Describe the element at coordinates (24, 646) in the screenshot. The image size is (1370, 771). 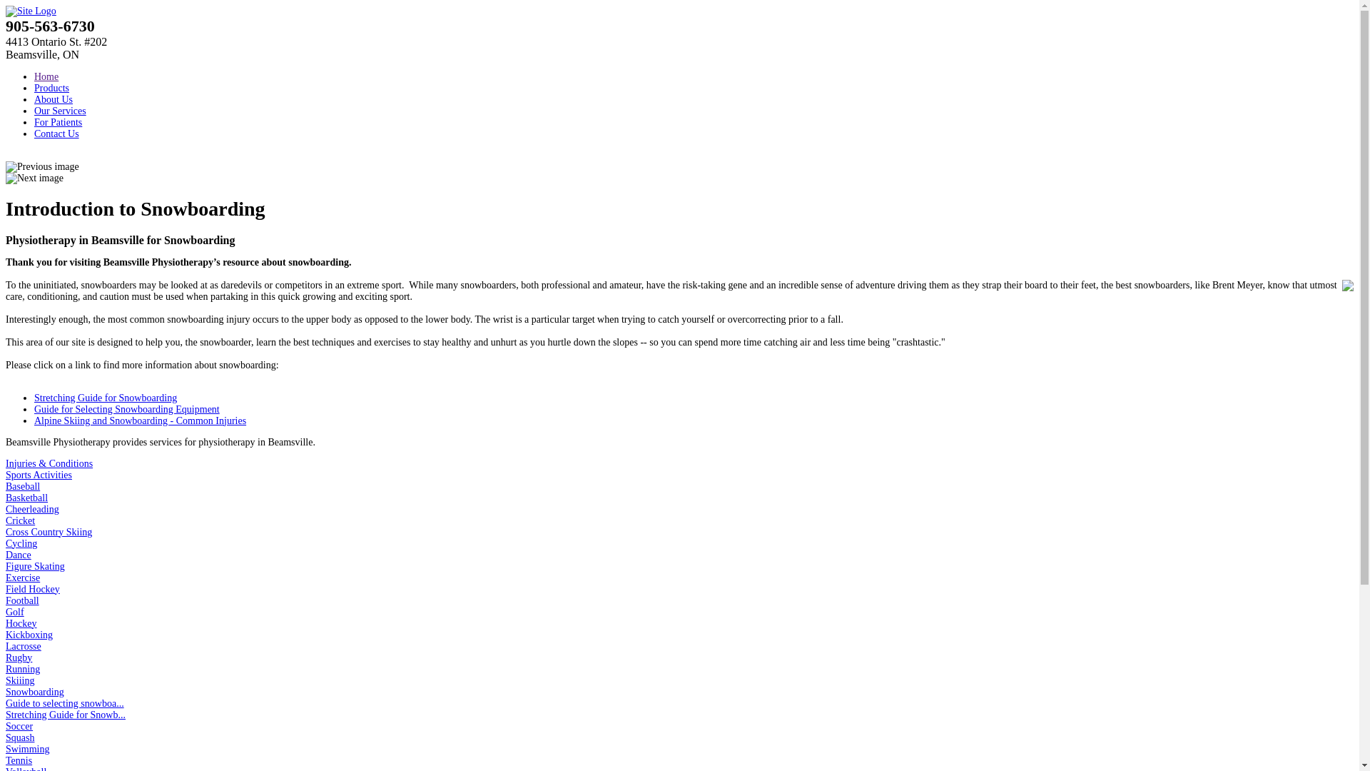
I see `'Lacrosse'` at that location.